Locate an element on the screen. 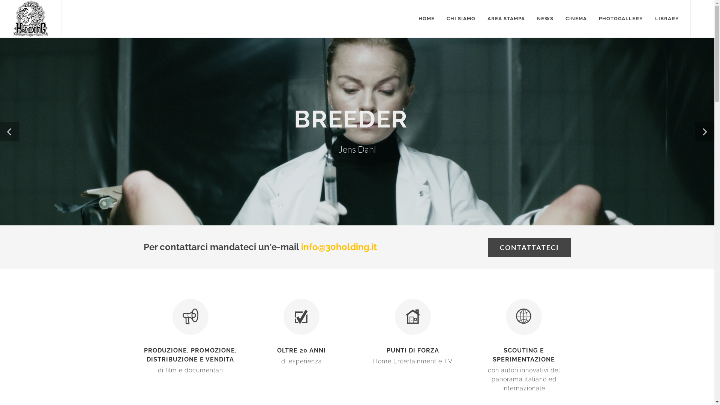 The width and height of the screenshot is (720, 405). 'AREA STAMPA' is located at coordinates (482, 18).